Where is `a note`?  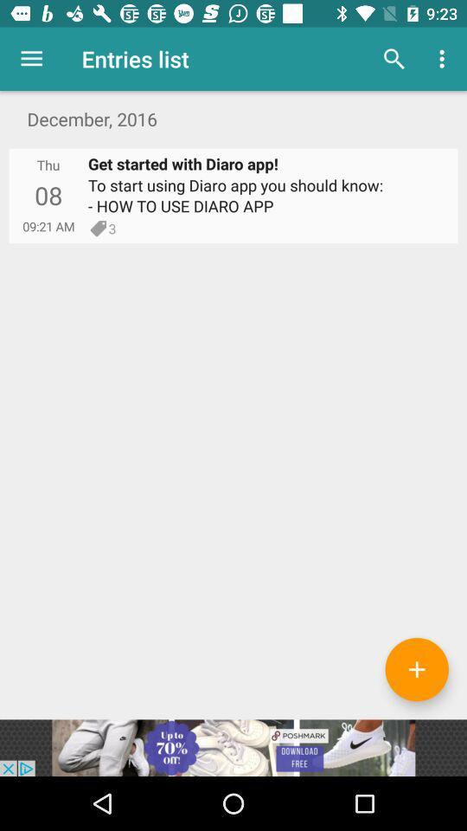 a note is located at coordinates (416, 668).